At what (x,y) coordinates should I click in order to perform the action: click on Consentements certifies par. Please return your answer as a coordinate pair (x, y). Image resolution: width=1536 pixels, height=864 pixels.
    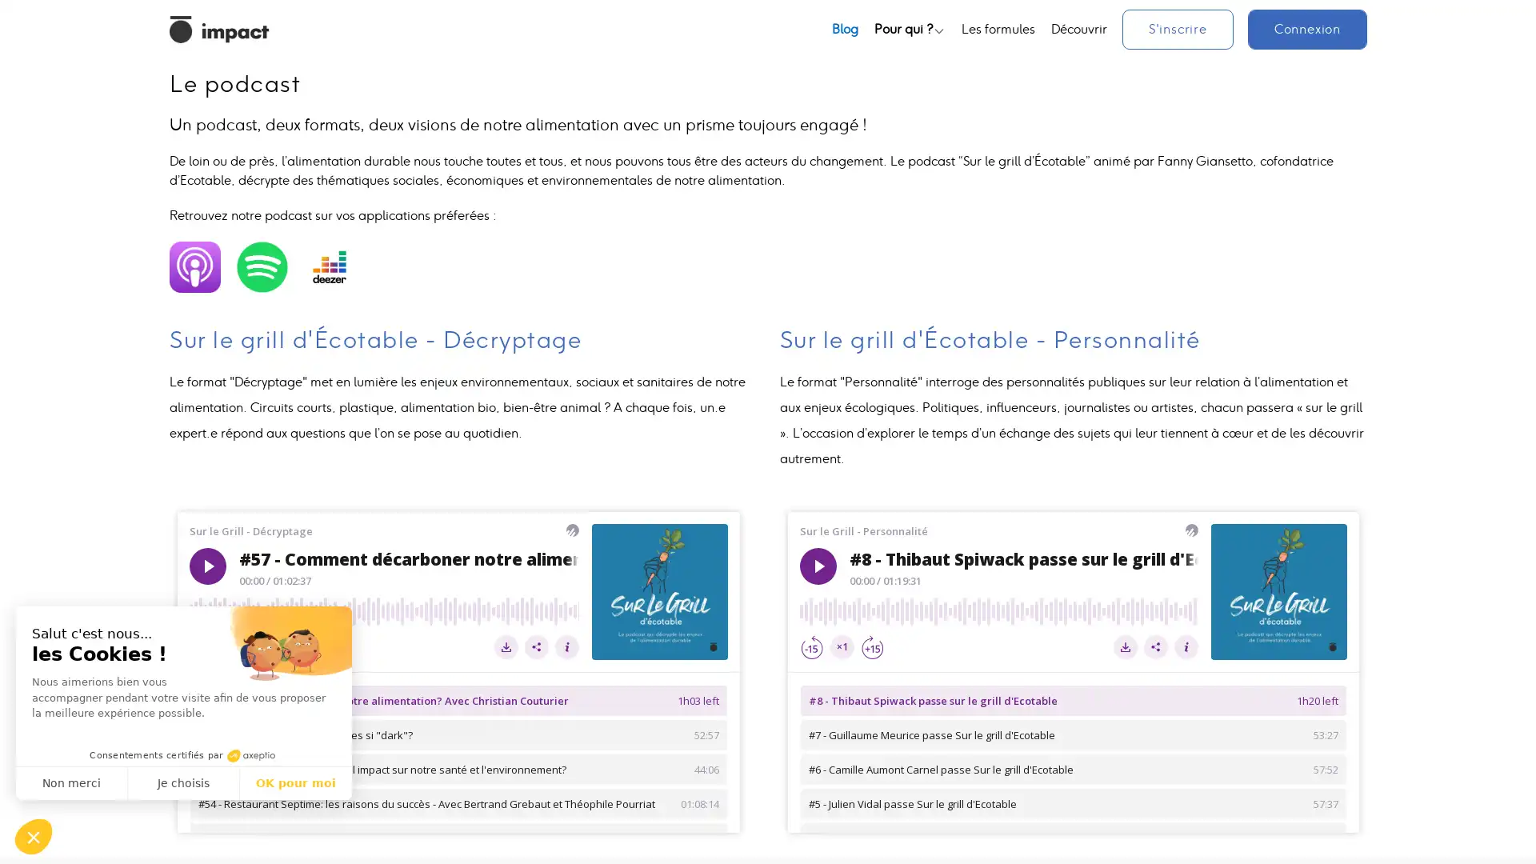
    Looking at the image, I should click on (183, 755).